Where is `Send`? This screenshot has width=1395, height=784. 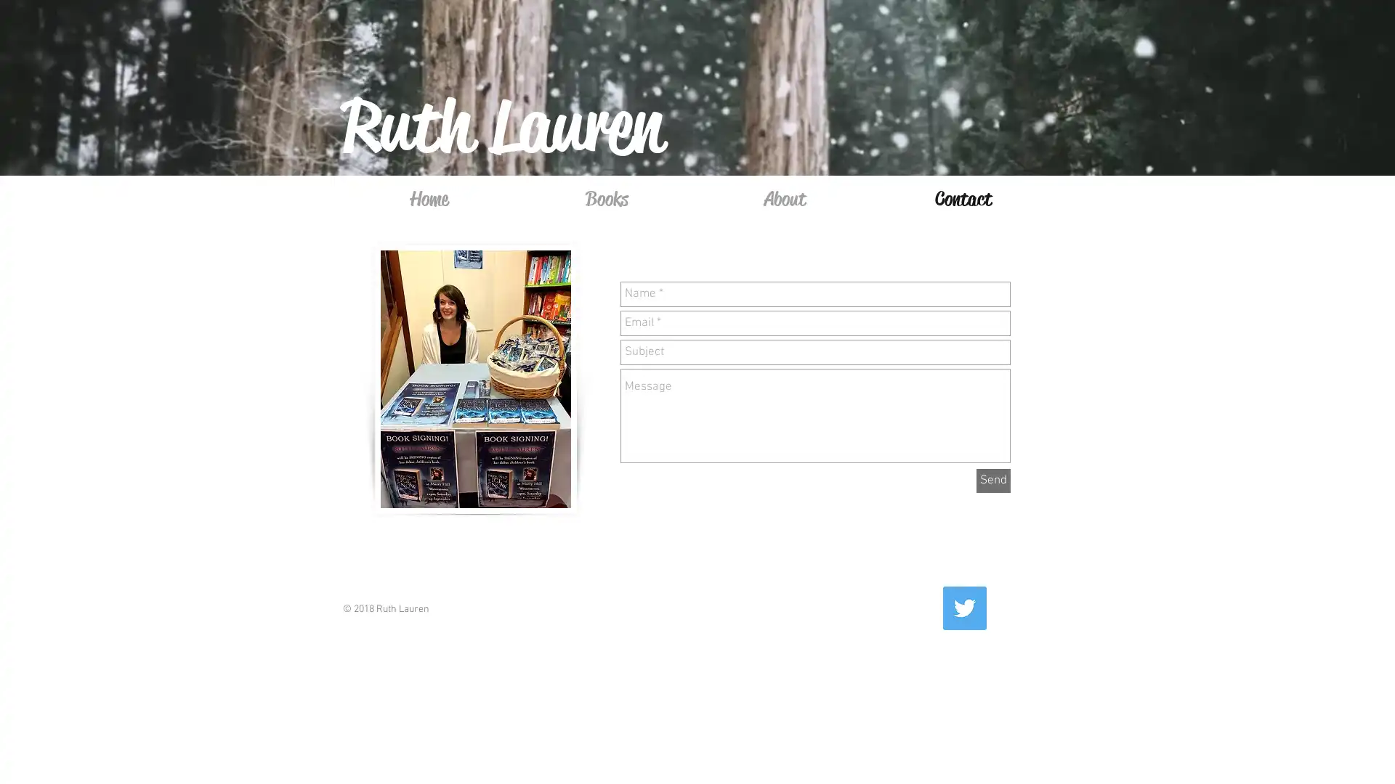 Send is located at coordinates (992, 481).